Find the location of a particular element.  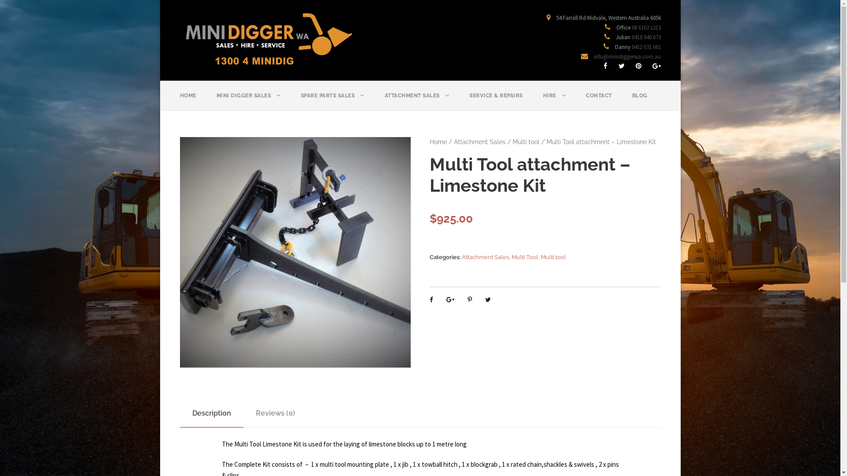

'SPARE PARTS SALES' is located at coordinates (332, 100).